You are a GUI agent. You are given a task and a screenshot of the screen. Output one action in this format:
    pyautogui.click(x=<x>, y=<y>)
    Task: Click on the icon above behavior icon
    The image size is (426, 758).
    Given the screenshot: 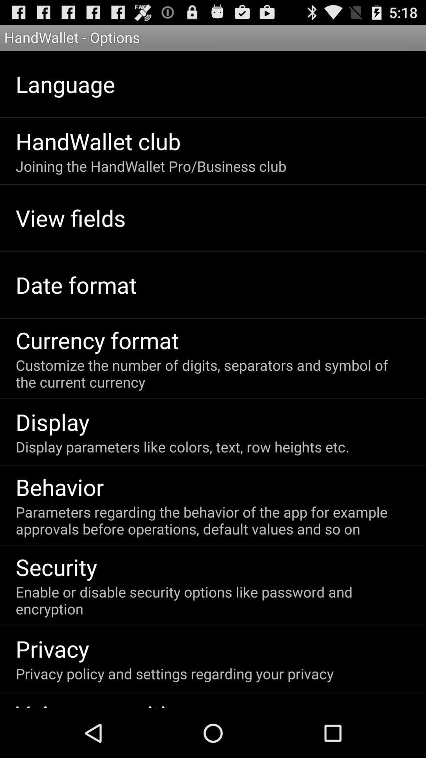 What is the action you would take?
    pyautogui.click(x=182, y=447)
    